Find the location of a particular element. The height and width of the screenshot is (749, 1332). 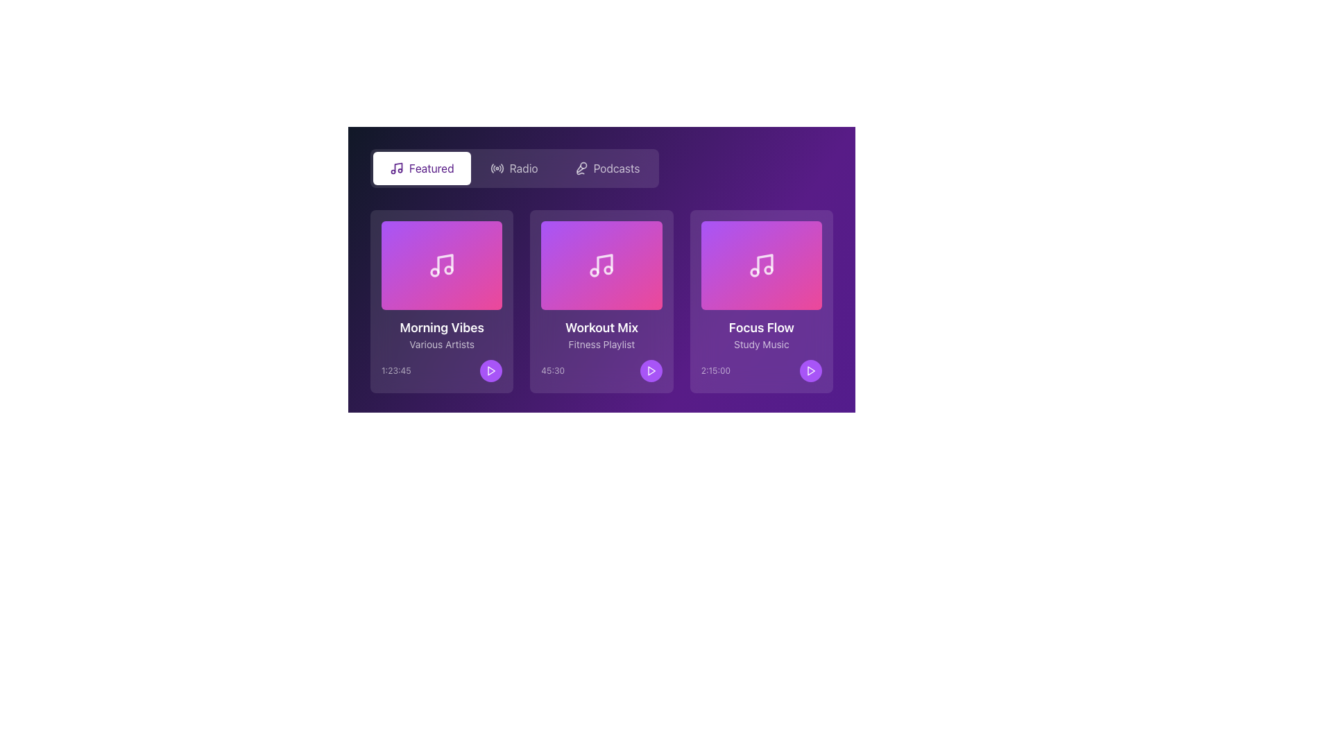

the static text displaying the time '1:23:45' located at the bottom-left corner of the 'Morning Vibes' card, to the left of the circular play button is located at coordinates (395, 370).